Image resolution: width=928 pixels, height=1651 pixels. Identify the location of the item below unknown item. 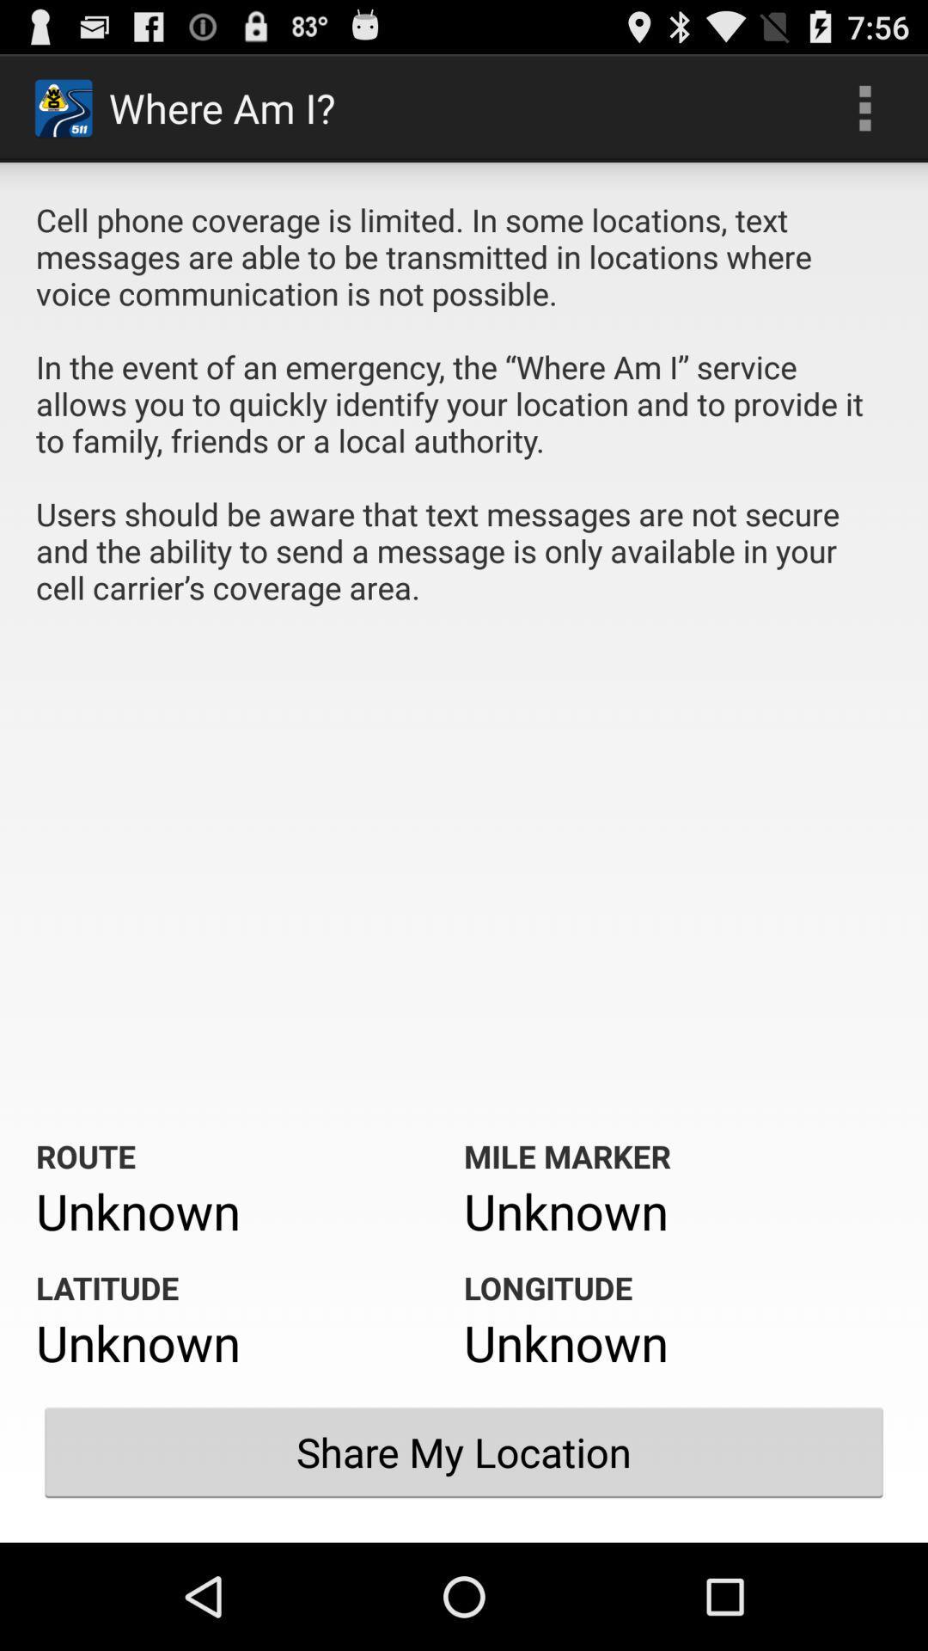
(464, 1452).